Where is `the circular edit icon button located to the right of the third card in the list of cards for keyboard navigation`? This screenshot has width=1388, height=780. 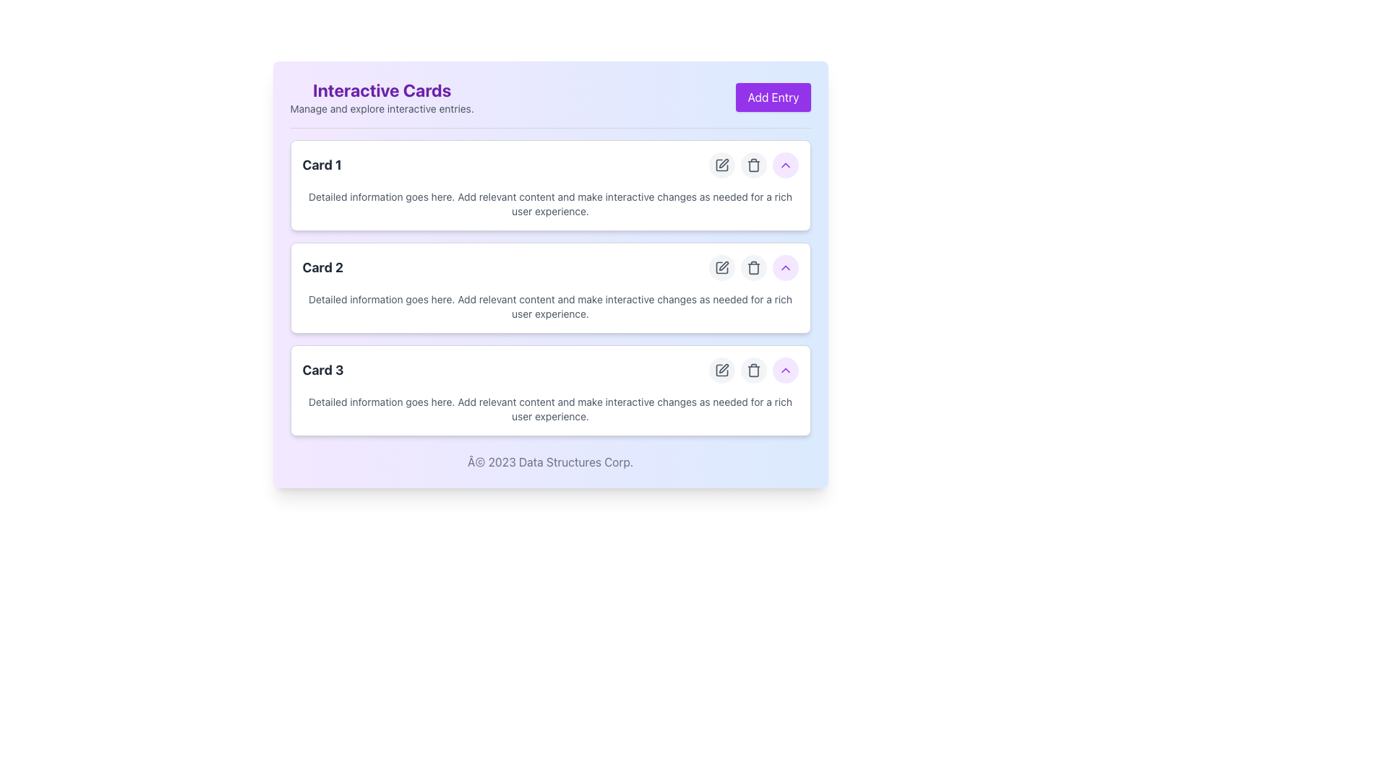 the circular edit icon button located to the right of the third card in the list of cards for keyboard navigation is located at coordinates (721, 370).